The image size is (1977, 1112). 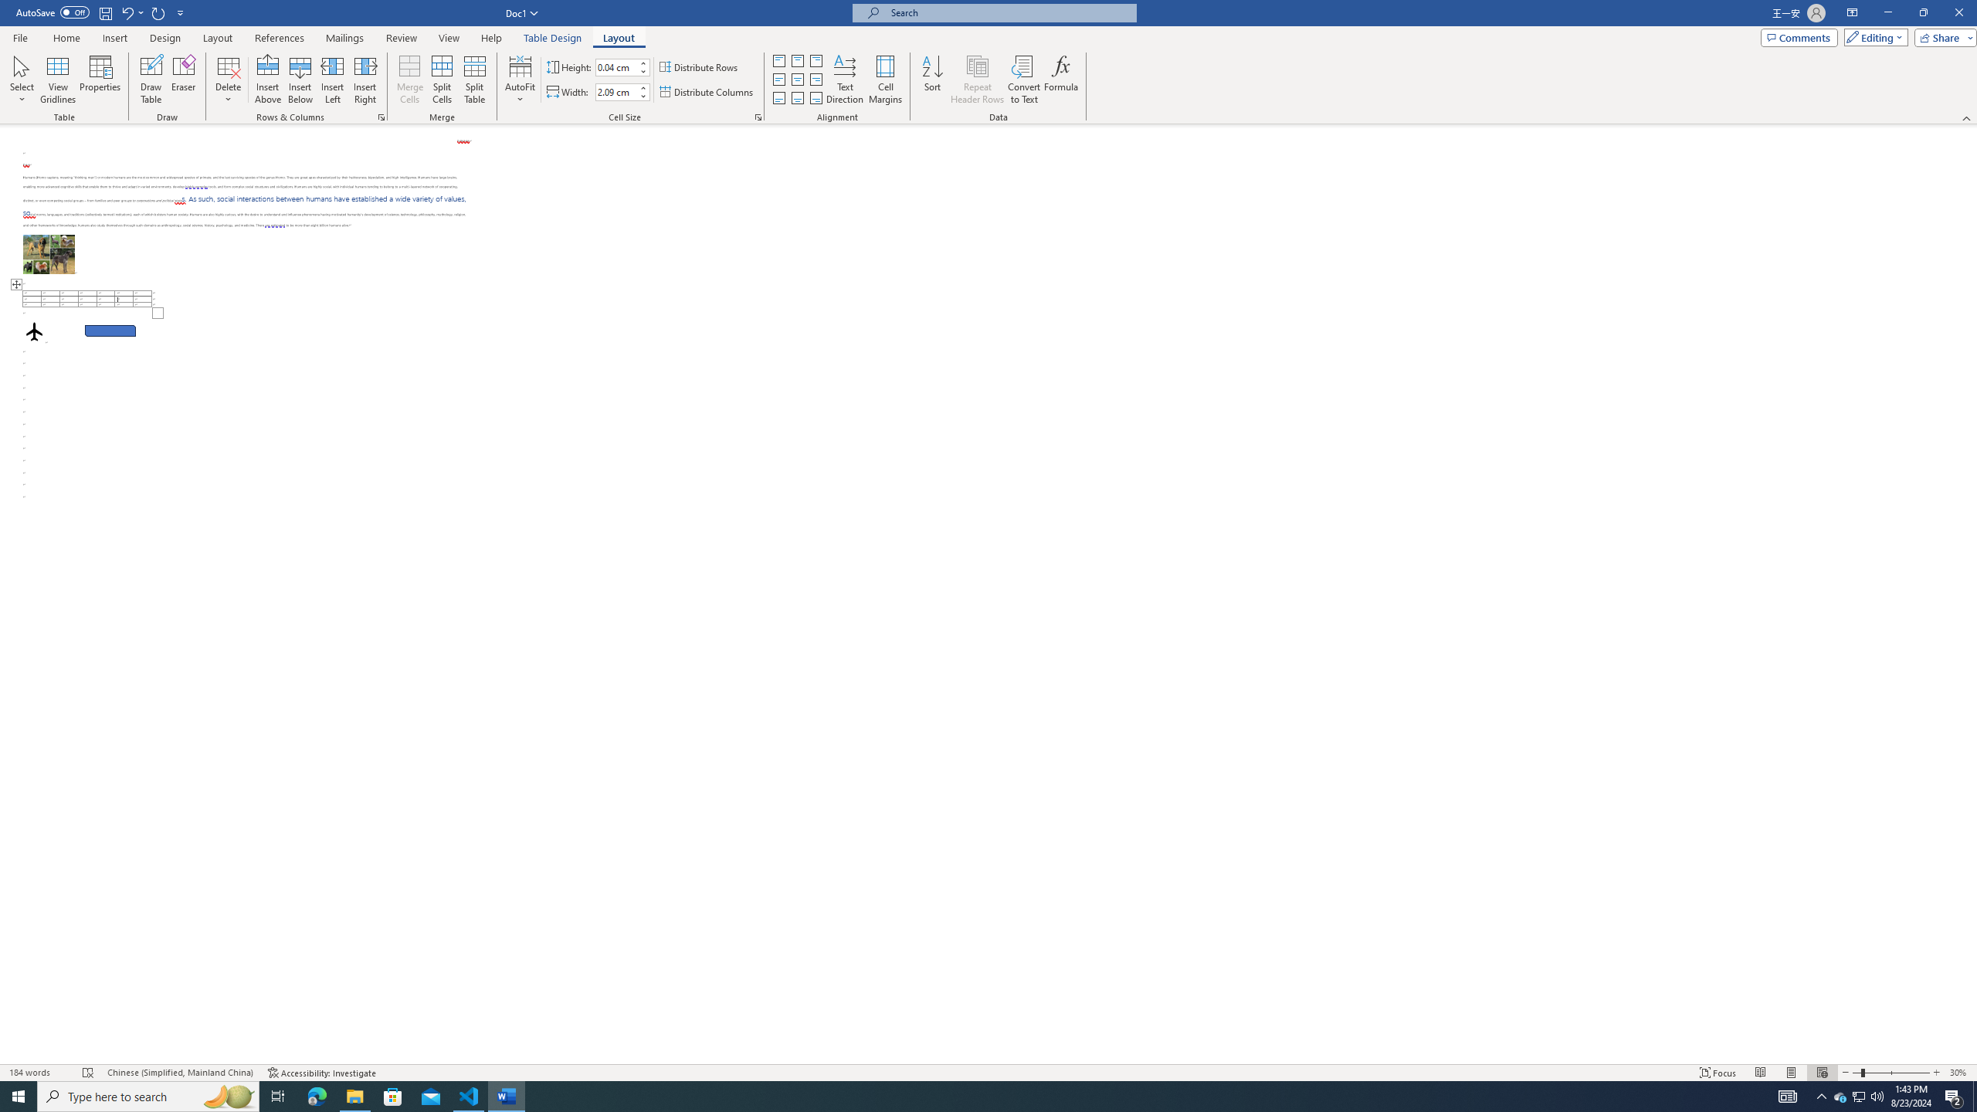 I want to click on 'Align Bottom Justified', so click(x=778, y=98).